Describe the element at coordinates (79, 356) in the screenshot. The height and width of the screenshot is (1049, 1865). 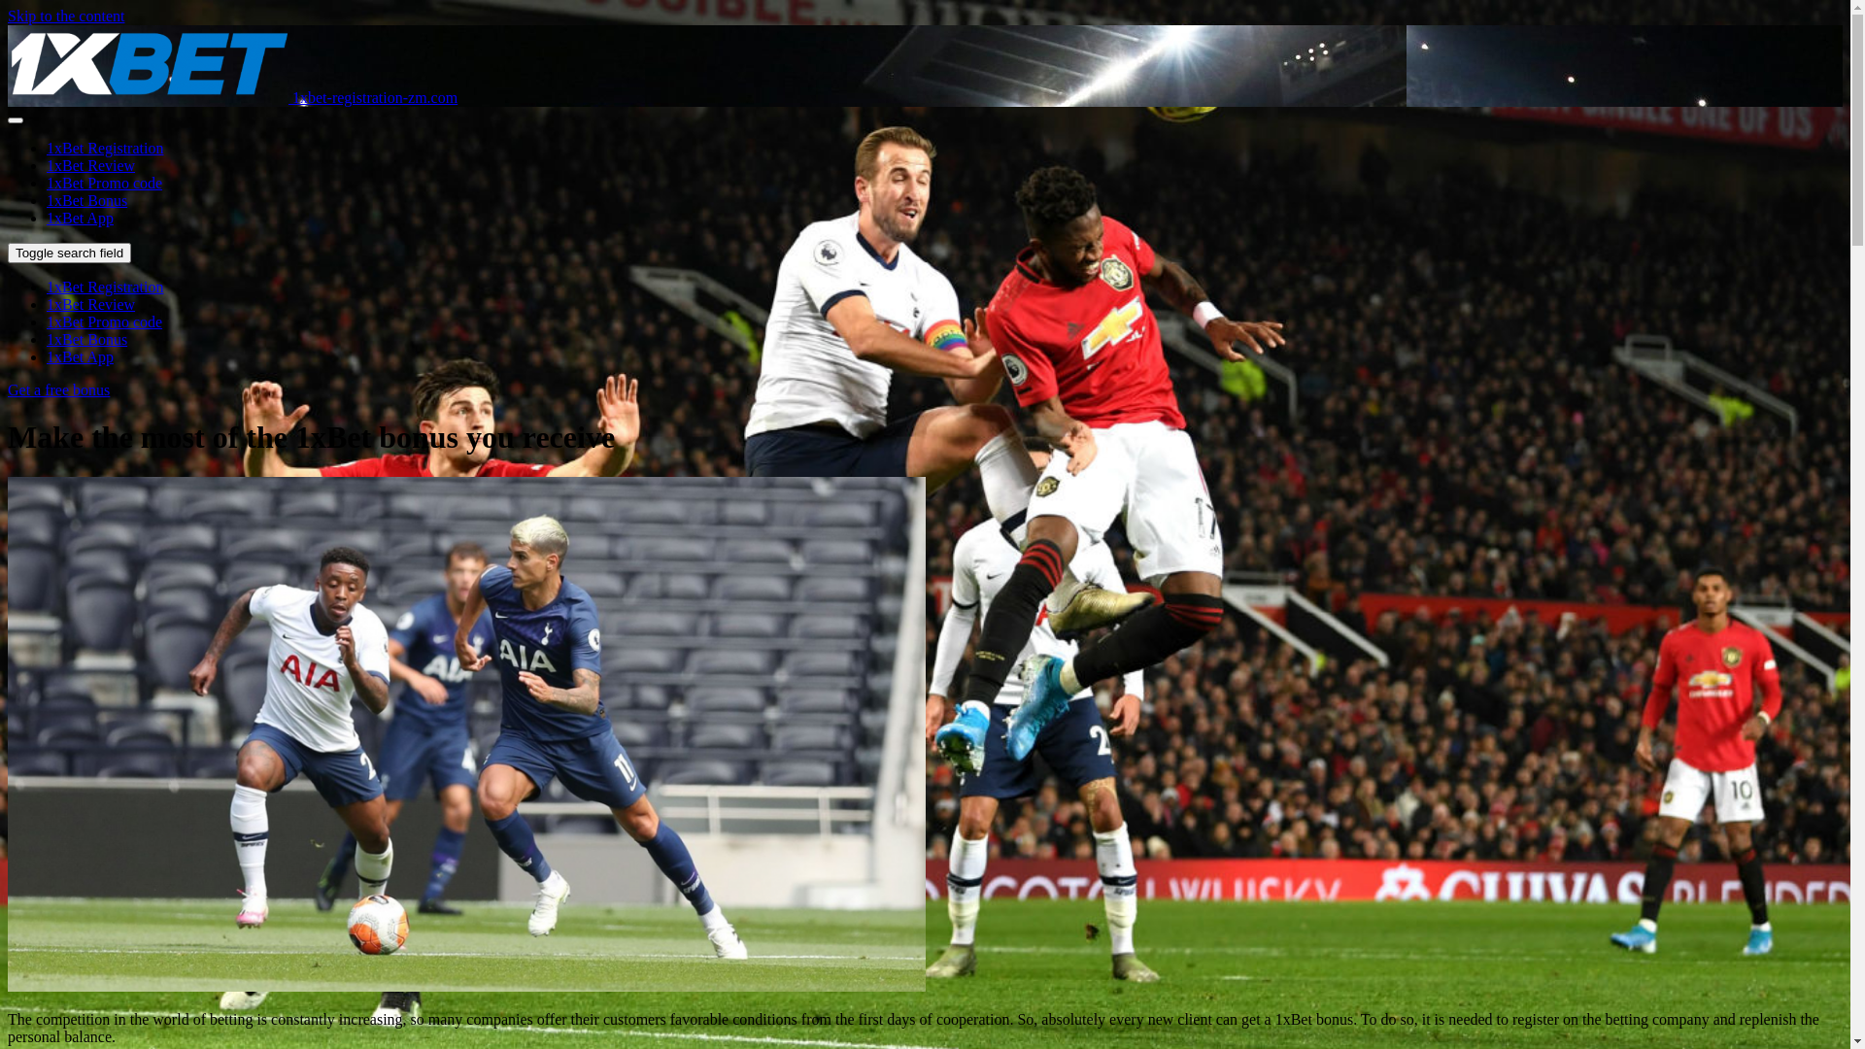
I see `'1xBet App'` at that location.